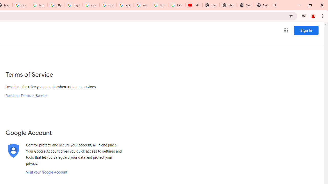 This screenshot has height=184, width=328. What do you see at coordinates (142, 5) in the screenshot?
I see `'YouTube'` at bounding box center [142, 5].